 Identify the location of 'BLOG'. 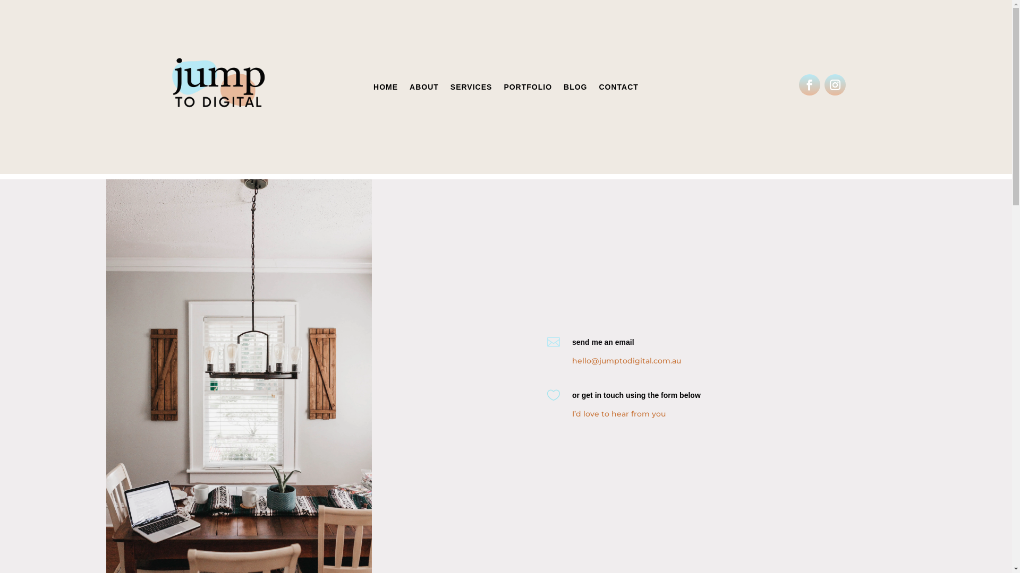
(563, 89).